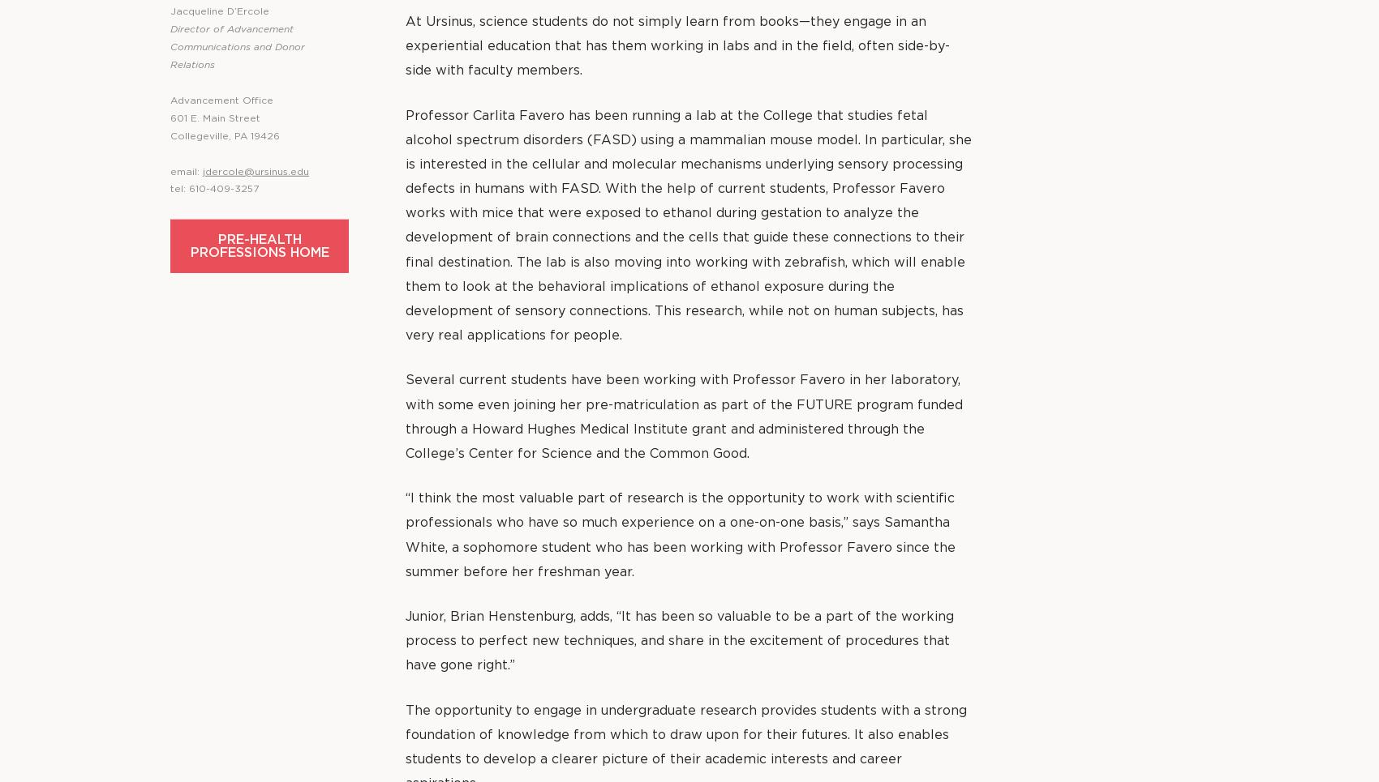 The height and width of the screenshot is (782, 1379). What do you see at coordinates (259, 245) in the screenshot?
I see `'Pre-Health Professions Home'` at bounding box center [259, 245].